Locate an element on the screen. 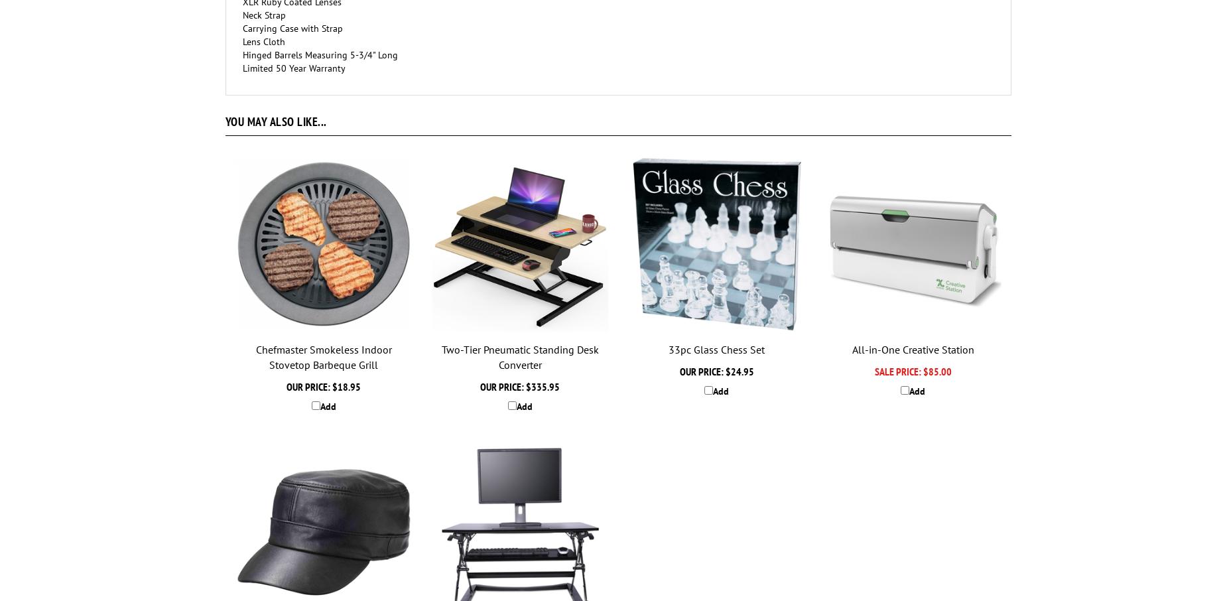 The image size is (1227, 601). 'Carrying Case with Strap' is located at coordinates (292, 28).